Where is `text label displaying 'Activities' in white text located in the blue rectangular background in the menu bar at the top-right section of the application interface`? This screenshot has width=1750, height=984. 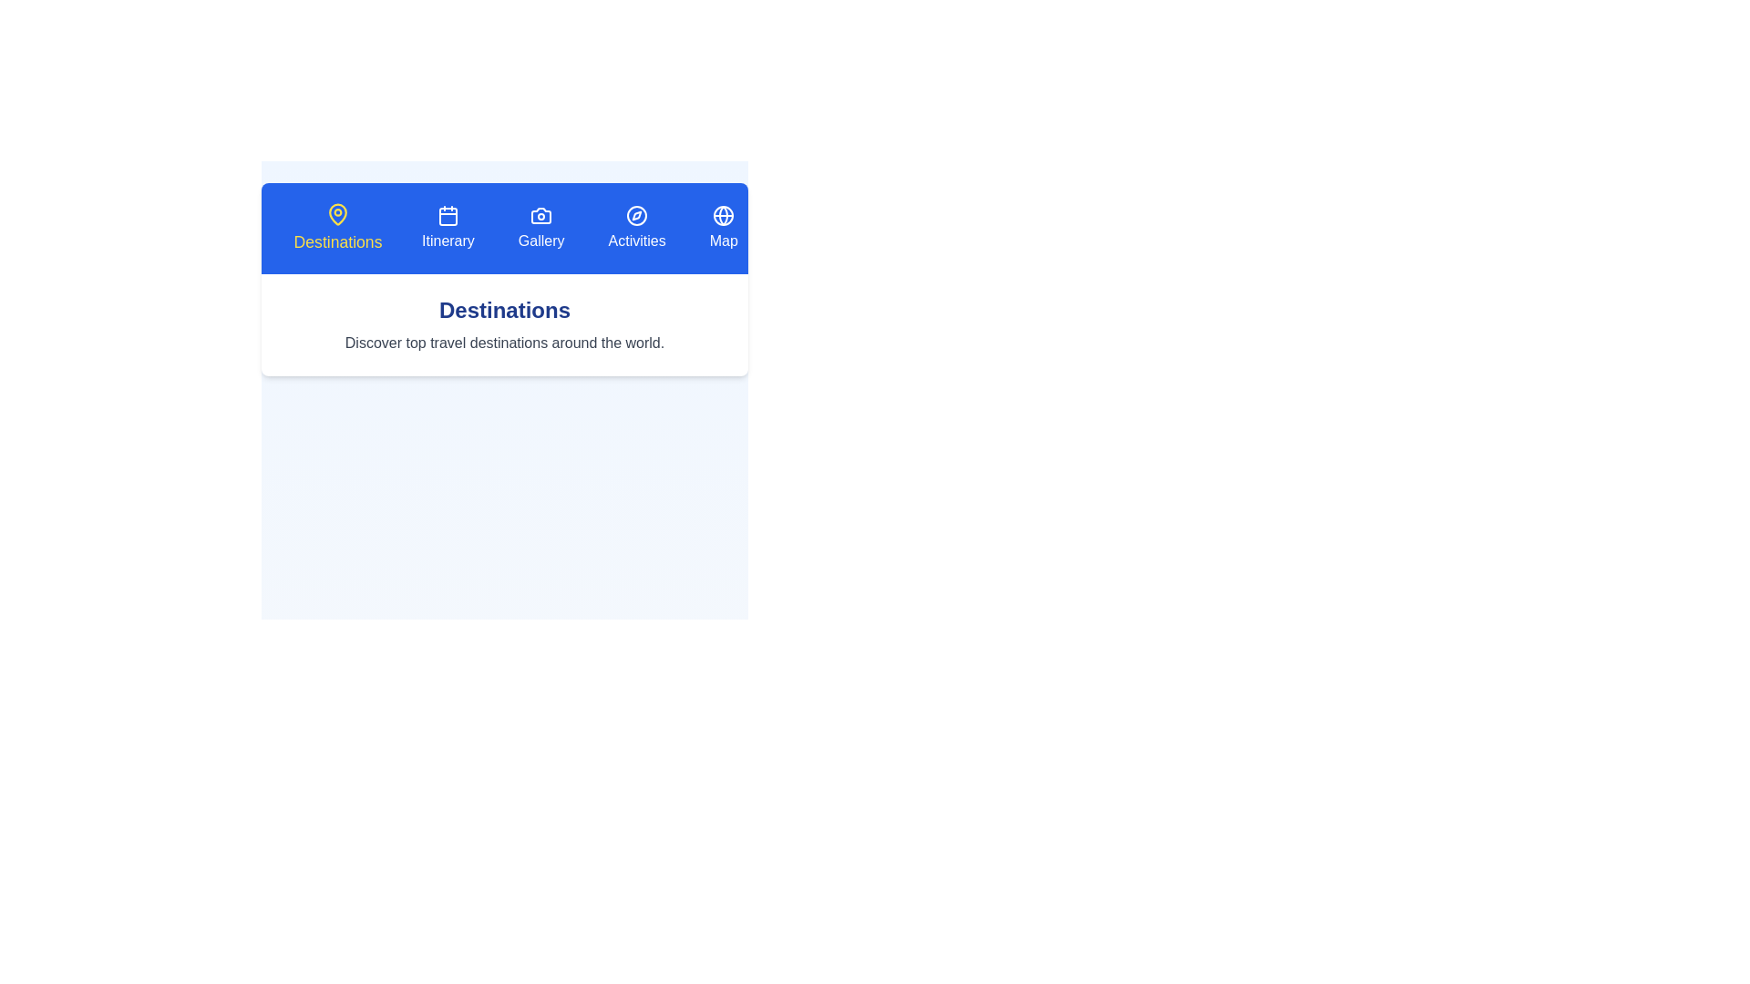
text label displaying 'Activities' in white text located in the blue rectangular background in the menu bar at the top-right section of the application interface is located at coordinates (637, 241).